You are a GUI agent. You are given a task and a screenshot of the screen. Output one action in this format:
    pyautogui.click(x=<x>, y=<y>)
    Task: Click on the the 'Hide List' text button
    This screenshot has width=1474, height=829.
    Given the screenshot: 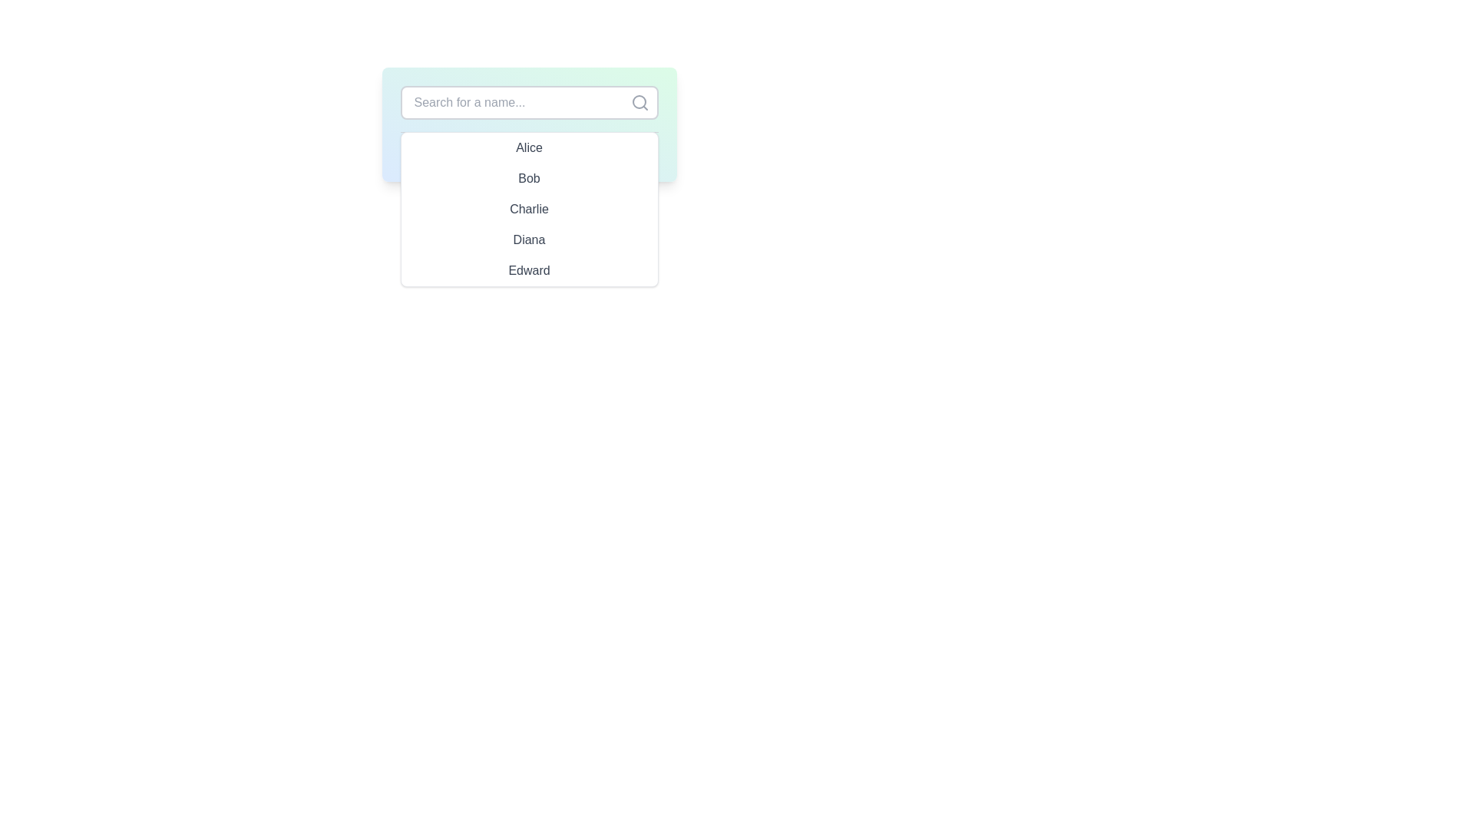 What is the action you would take?
    pyautogui.click(x=529, y=147)
    